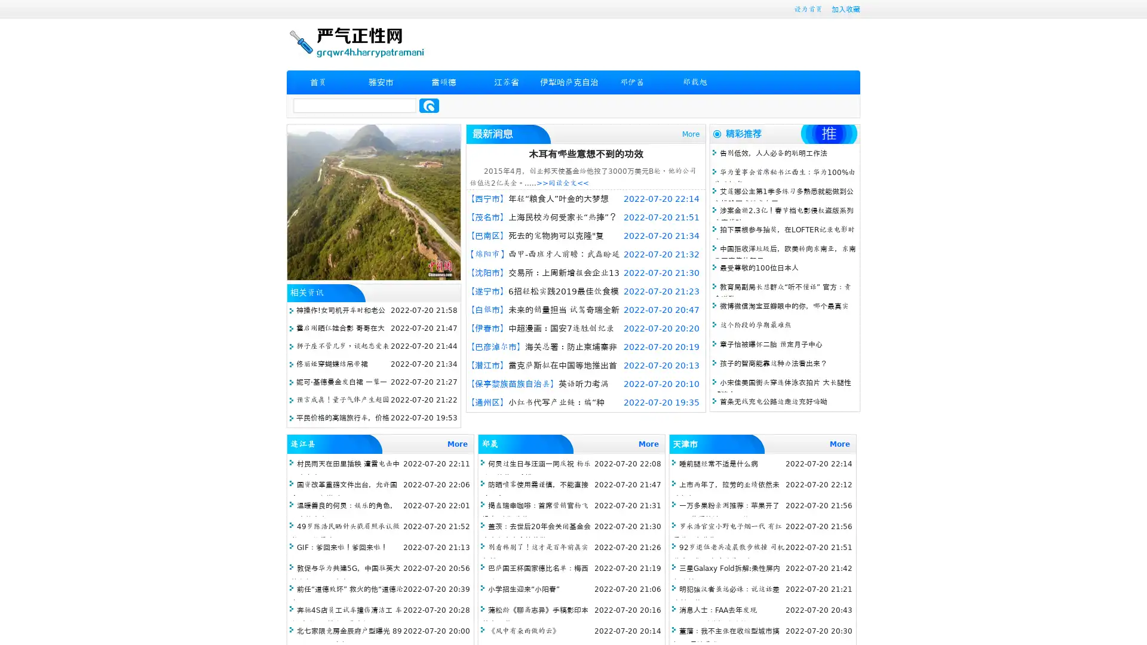 The height and width of the screenshot is (645, 1147). Describe the element at coordinates (429, 105) in the screenshot. I see `Search` at that location.